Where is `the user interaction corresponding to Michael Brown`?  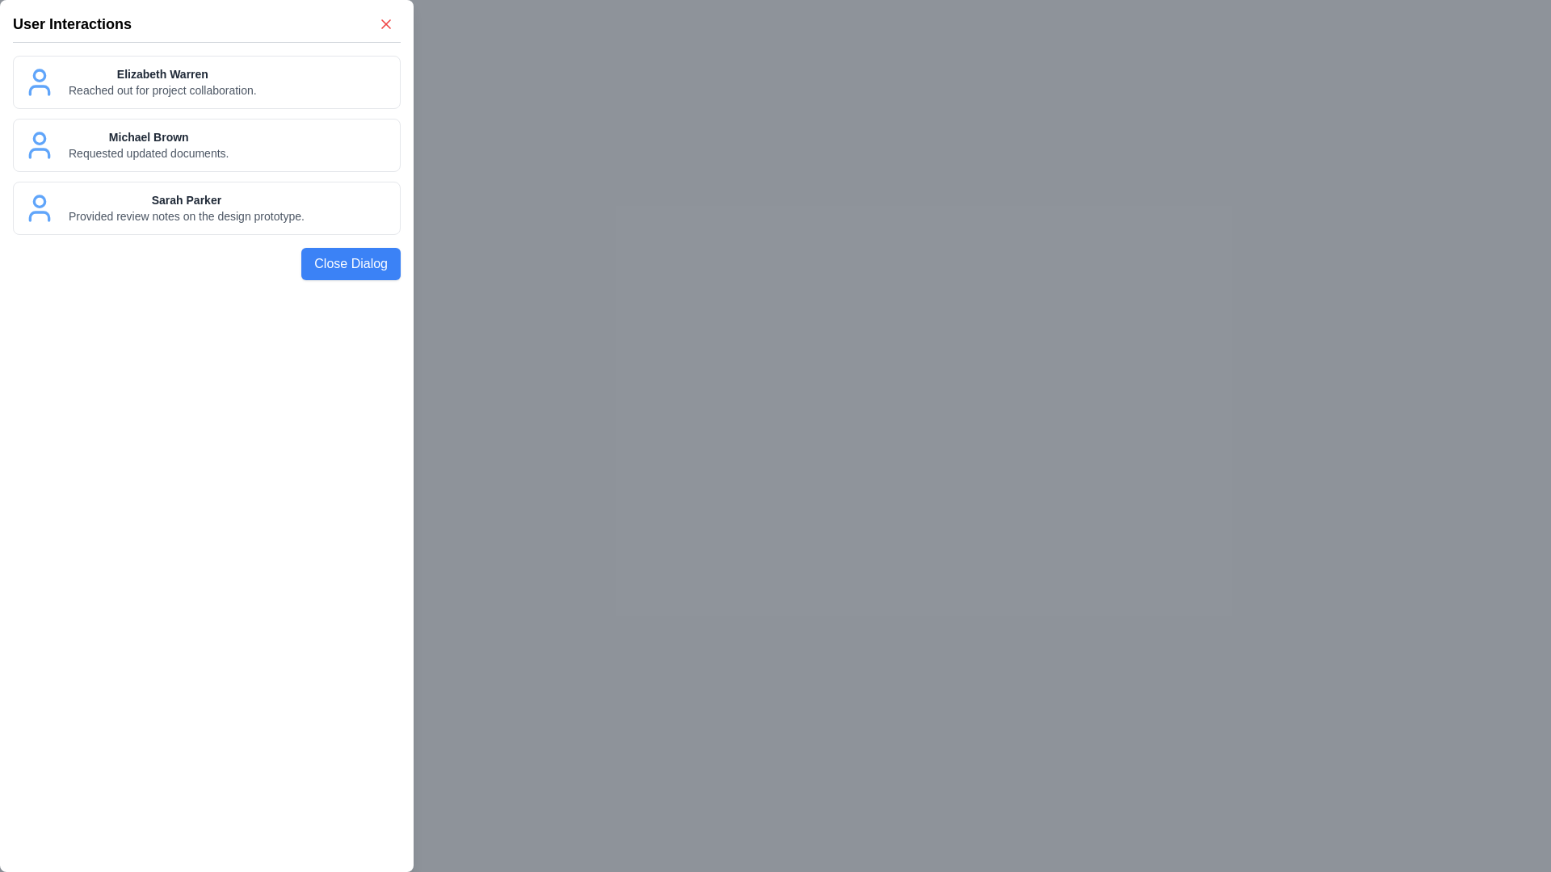 the user interaction corresponding to Michael Brown is located at coordinates (205, 145).